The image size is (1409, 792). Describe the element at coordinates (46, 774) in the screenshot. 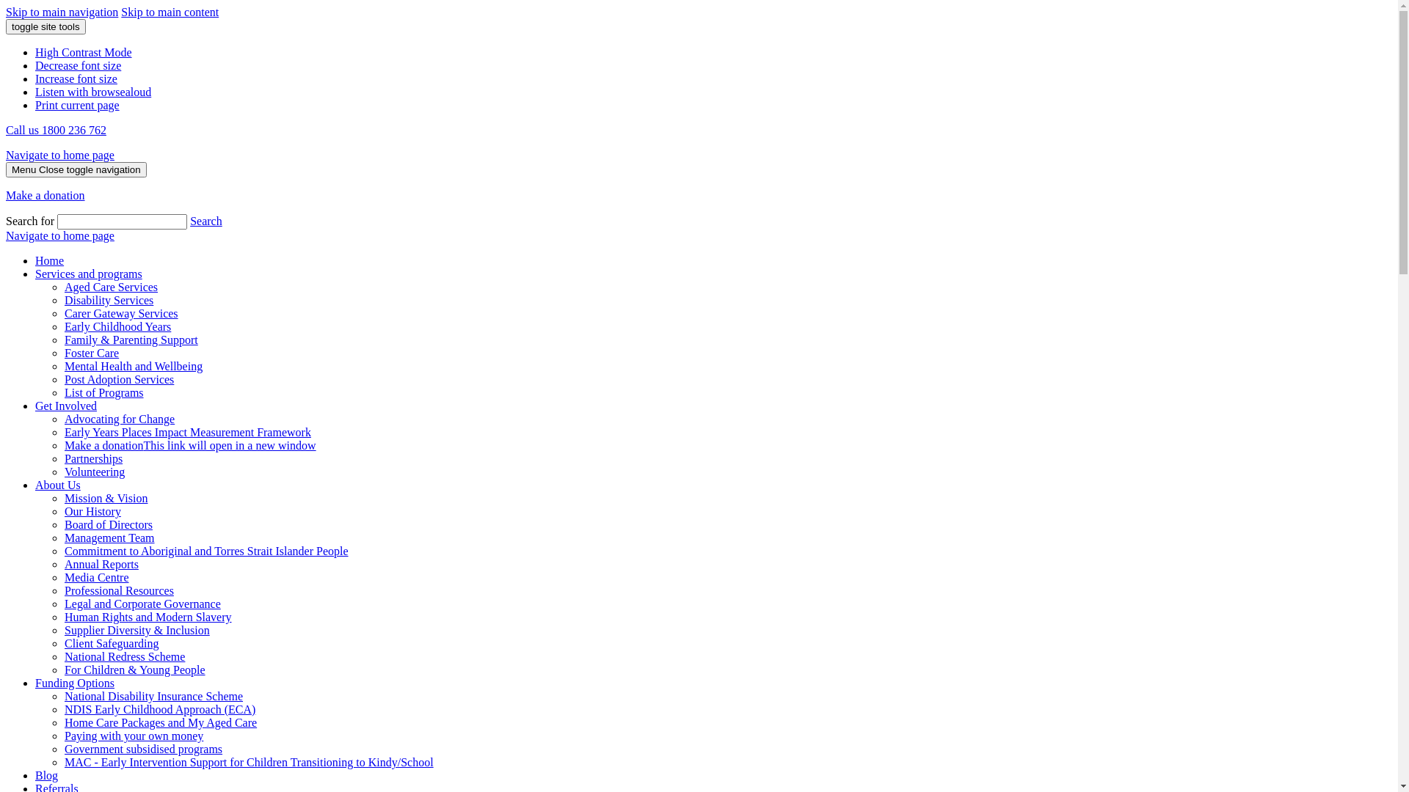

I see `'Blog'` at that location.